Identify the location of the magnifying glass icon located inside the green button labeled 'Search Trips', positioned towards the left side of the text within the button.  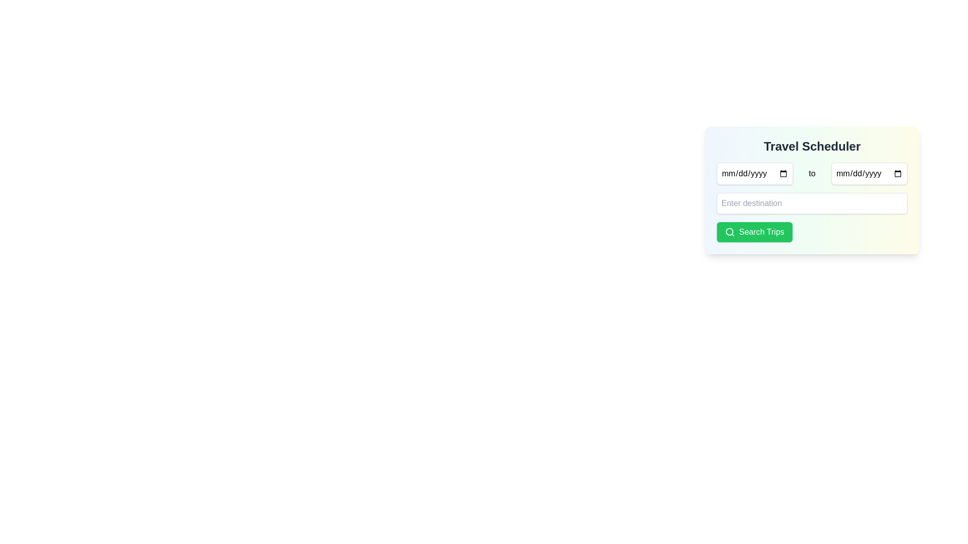
(730, 232).